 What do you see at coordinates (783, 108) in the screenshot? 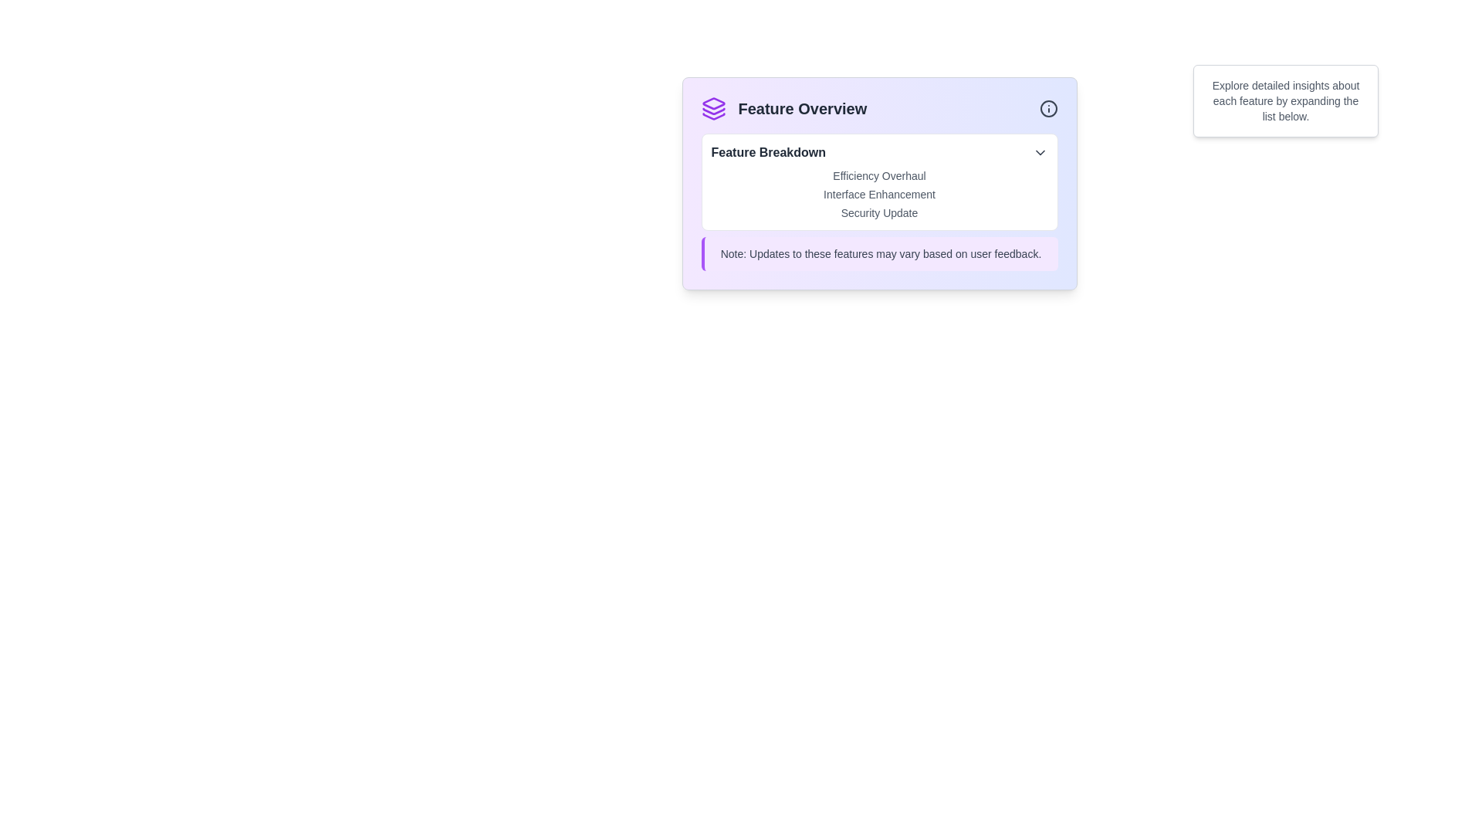
I see `the 'Feature Overview' text element styled with a bold, dark font next to a purple layered content icon, located in the top-left section of a light background card` at bounding box center [783, 108].